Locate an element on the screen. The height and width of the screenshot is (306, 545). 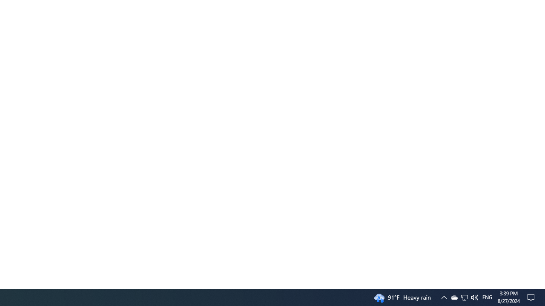
'Action Center, No new notifications' is located at coordinates (532, 297).